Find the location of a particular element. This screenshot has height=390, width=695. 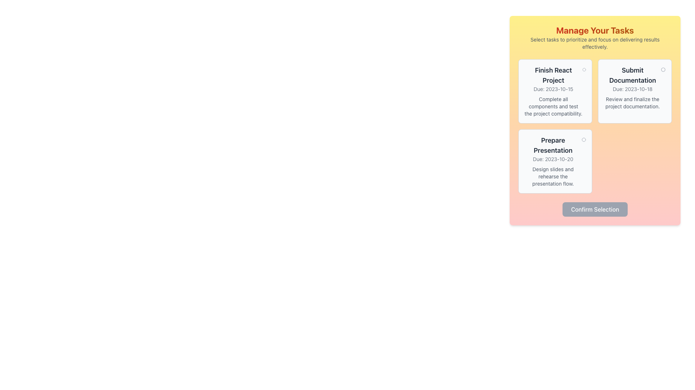

the heading element displaying 'Manage Your Tasks', which is a large, bold, gradient-colored text located at the top of the task management interface is located at coordinates (595, 30).